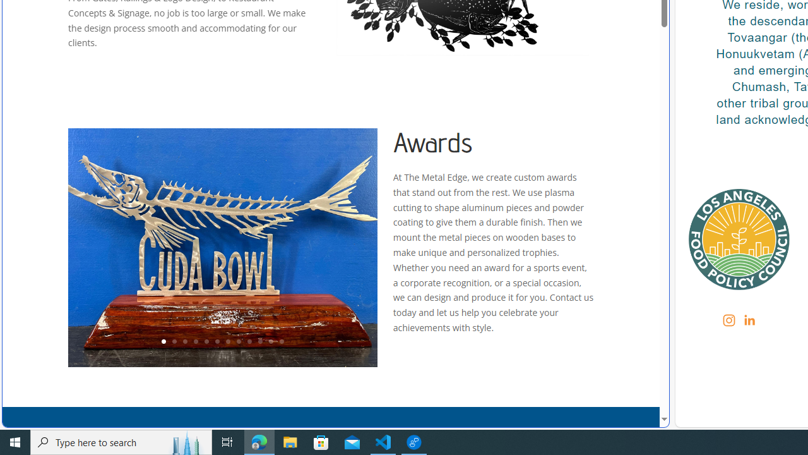  I want to click on '8', so click(238, 342).